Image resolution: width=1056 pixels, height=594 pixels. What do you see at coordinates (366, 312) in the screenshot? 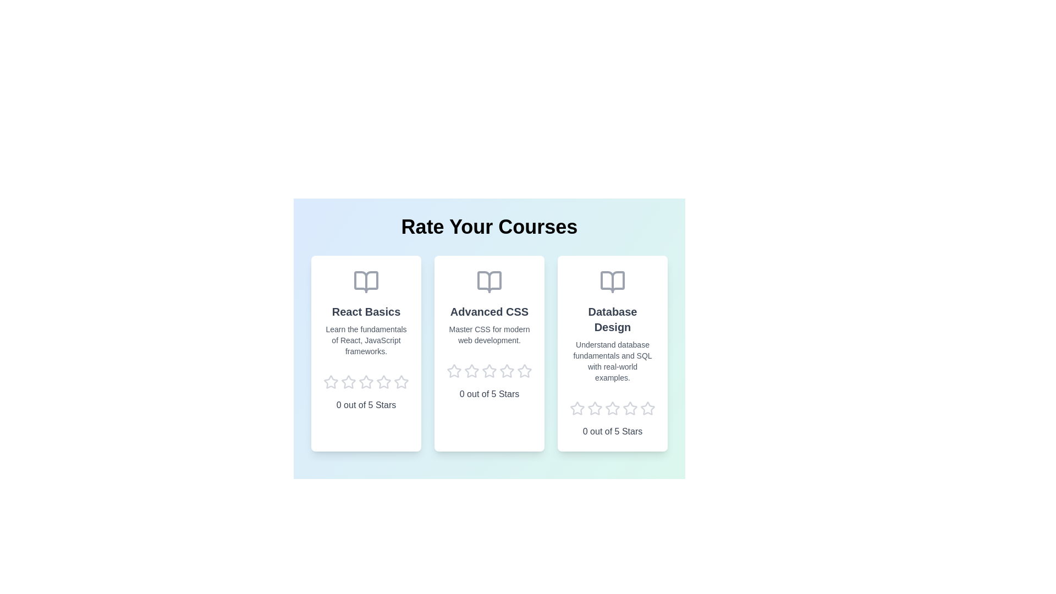
I see `the course title to display its description` at bounding box center [366, 312].